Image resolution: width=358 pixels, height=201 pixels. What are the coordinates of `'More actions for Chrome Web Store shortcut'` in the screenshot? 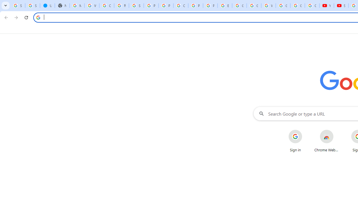 It's located at (338, 130).